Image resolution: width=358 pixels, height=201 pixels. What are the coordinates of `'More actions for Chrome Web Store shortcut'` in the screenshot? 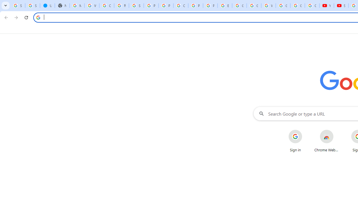 It's located at (338, 130).